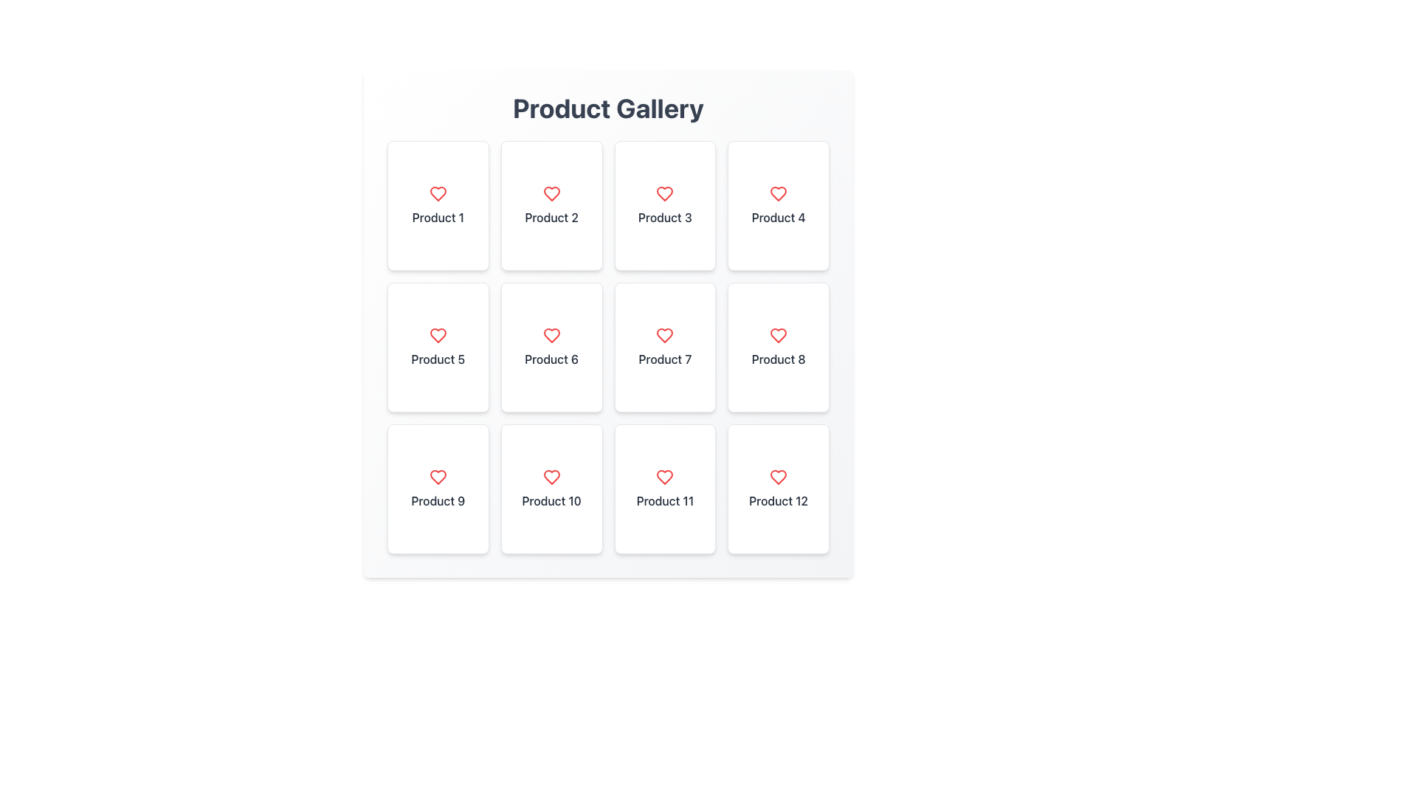 The height and width of the screenshot is (797, 1417). I want to click on name of the product from the text label displaying 'Product 3' located in the third card of the first row, beneath the heart icon, so click(664, 217).